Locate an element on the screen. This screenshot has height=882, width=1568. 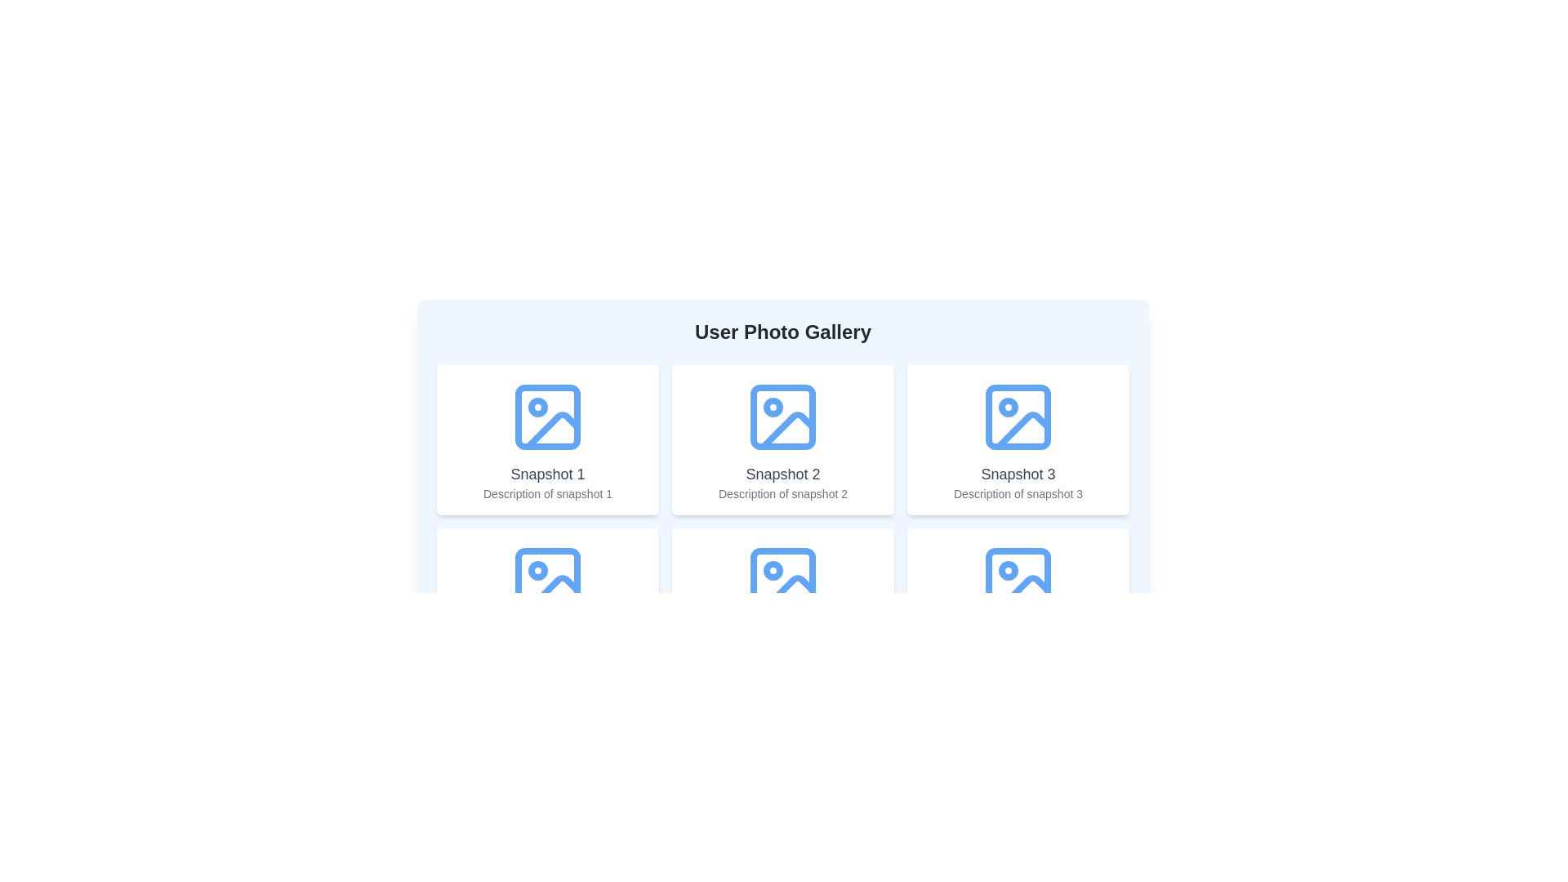
the small circular dot located at the top-left corner of the photo icon in the first snapshot of the user gallery is located at coordinates (537, 406).